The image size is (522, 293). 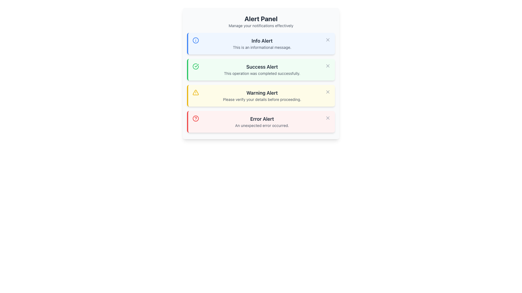 What do you see at coordinates (262, 93) in the screenshot?
I see `the Header text of the third alert card, which serves as the title of the warning alert, positioned at the top of the yellow alert card` at bounding box center [262, 93].